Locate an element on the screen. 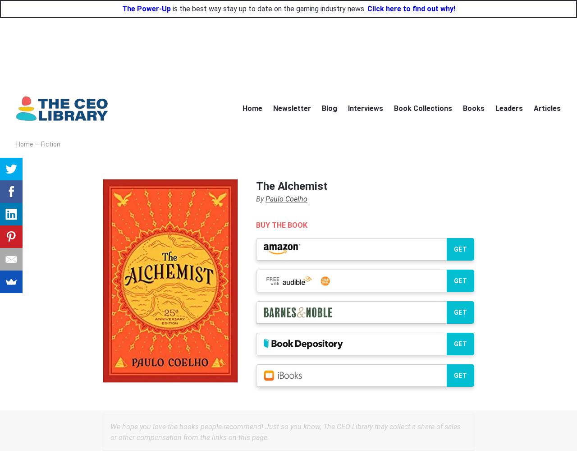 This screenshot has width=577, height=459. 'is the best way stay up to date on the gaming industry news.' is located at coordinates (268, 8).